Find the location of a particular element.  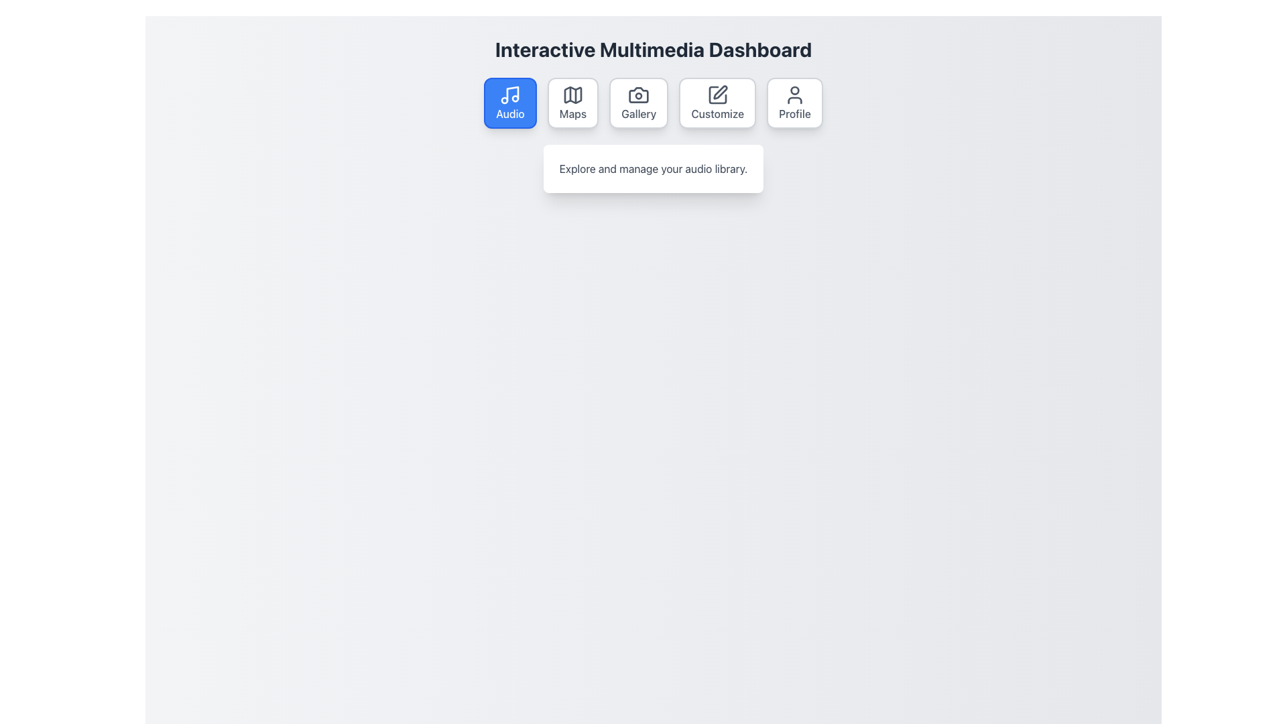

the 'Profile' button, which is a rectangular button with a user figure icon and gray text on a white background, located on the top-right section of the application interface is located at coordinates (794, 103).